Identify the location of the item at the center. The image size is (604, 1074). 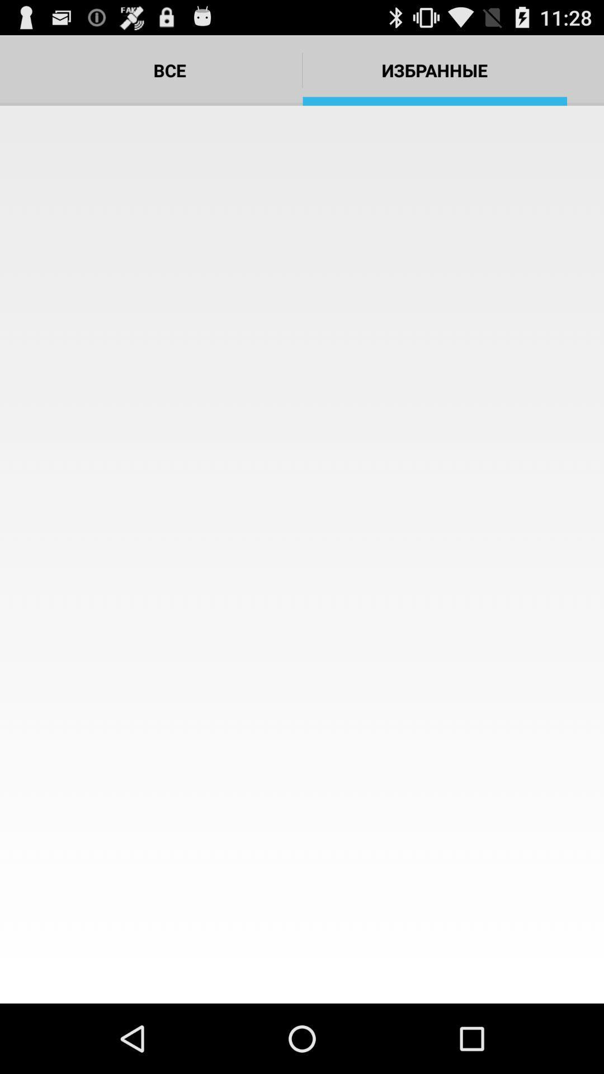
(302, 554).